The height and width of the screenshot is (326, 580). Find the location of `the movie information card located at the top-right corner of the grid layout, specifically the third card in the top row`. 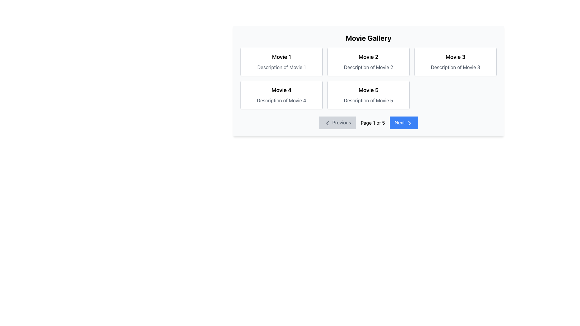

the movie information card located at the top-right corner of the grid layout, specifically the third card in the top row is located at coordinates (455, 62).